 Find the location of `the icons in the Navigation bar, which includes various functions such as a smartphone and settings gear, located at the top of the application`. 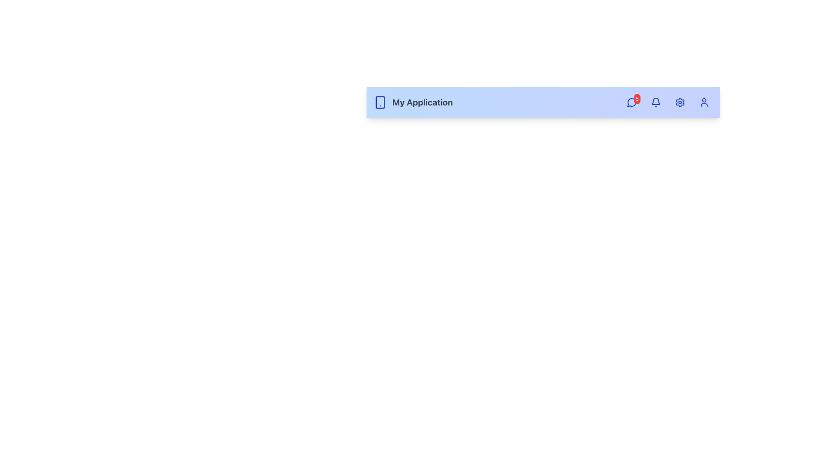

the icons in the Navigation bar, which includes various functions such as a smartphone and settings gear, located at the top of the application is located at coordinates (543, 102).